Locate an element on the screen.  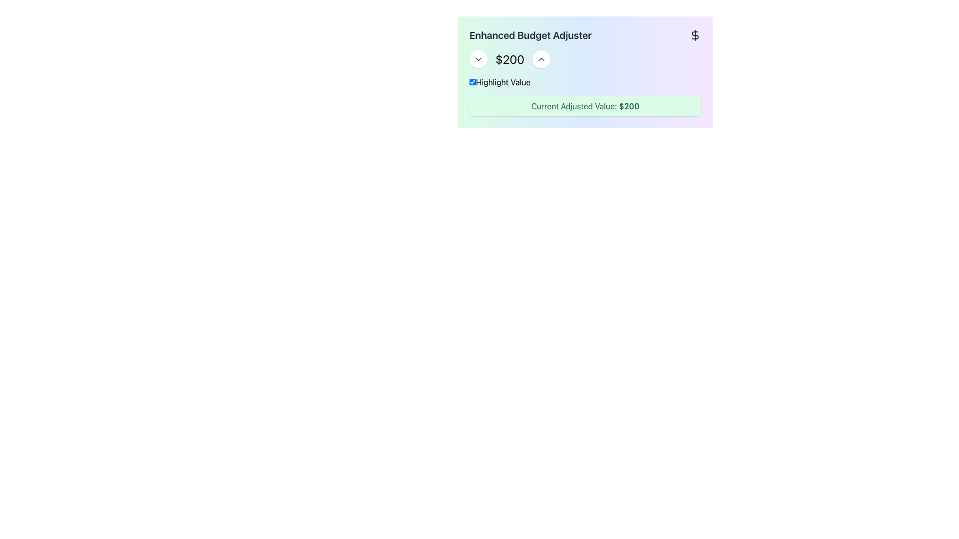
the buttons of the Composite UI element displaying a monetary value ('$200') within the 'Enhanced Budget Adjuster' section for visual feedback is located at coordinates (585, 59).